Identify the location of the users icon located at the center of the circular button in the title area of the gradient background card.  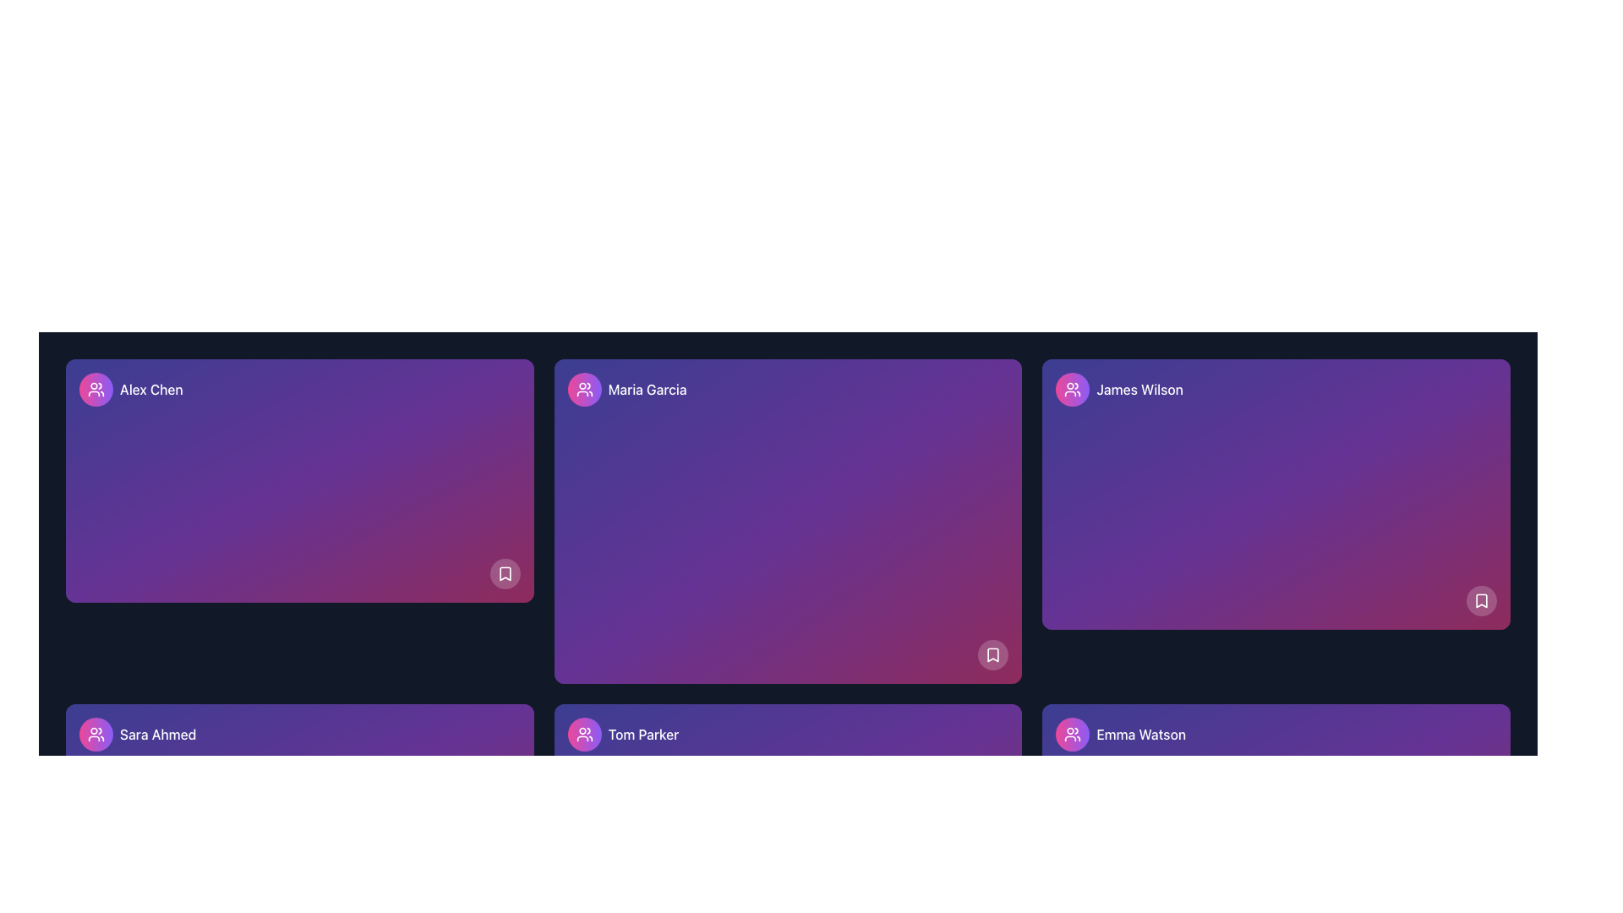
(584, 390).